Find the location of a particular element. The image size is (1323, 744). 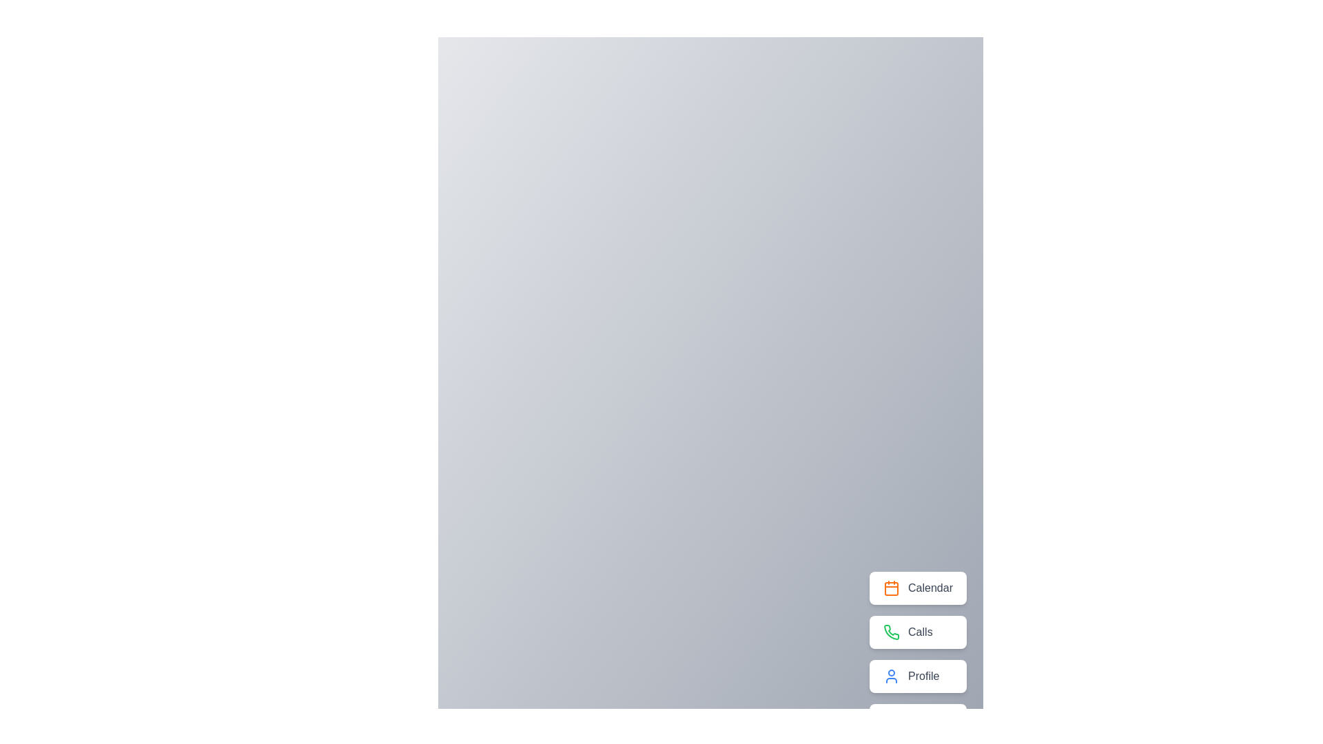

the 'Calls' button to access call-related functionalities is located at coordinates (918, 632).